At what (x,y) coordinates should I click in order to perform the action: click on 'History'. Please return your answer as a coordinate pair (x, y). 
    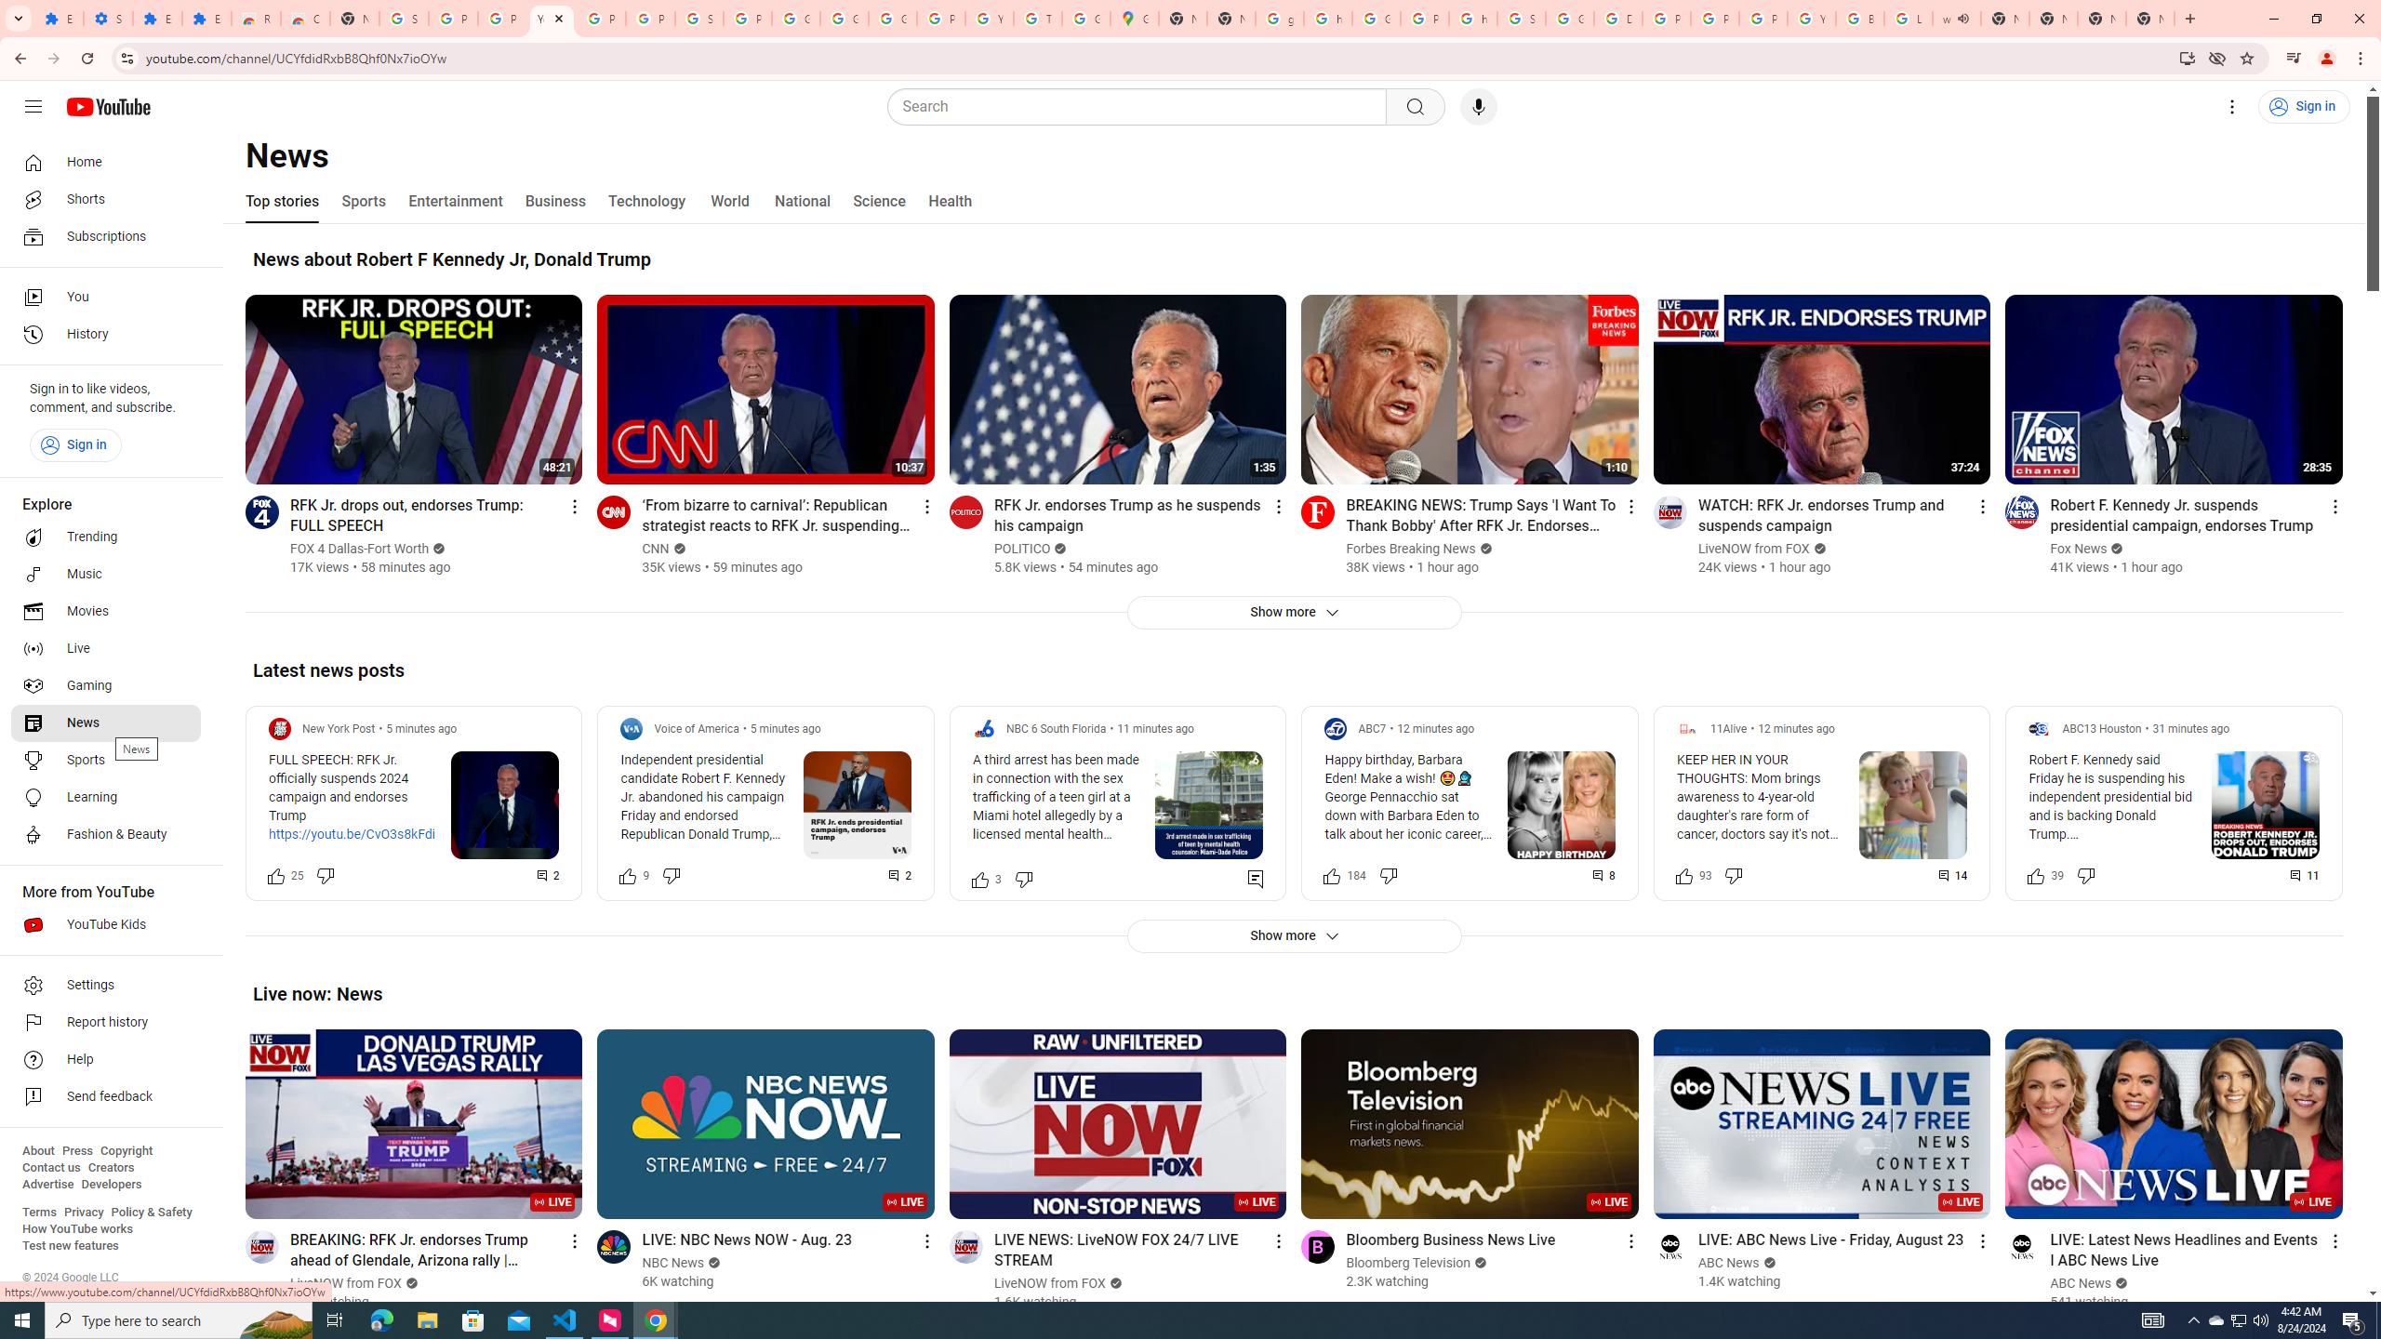
    Looking at the image, I should click on (105, 335).